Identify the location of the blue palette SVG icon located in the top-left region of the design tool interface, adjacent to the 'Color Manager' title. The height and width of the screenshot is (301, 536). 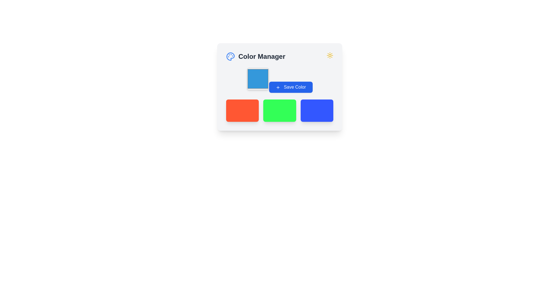
(230, 57).